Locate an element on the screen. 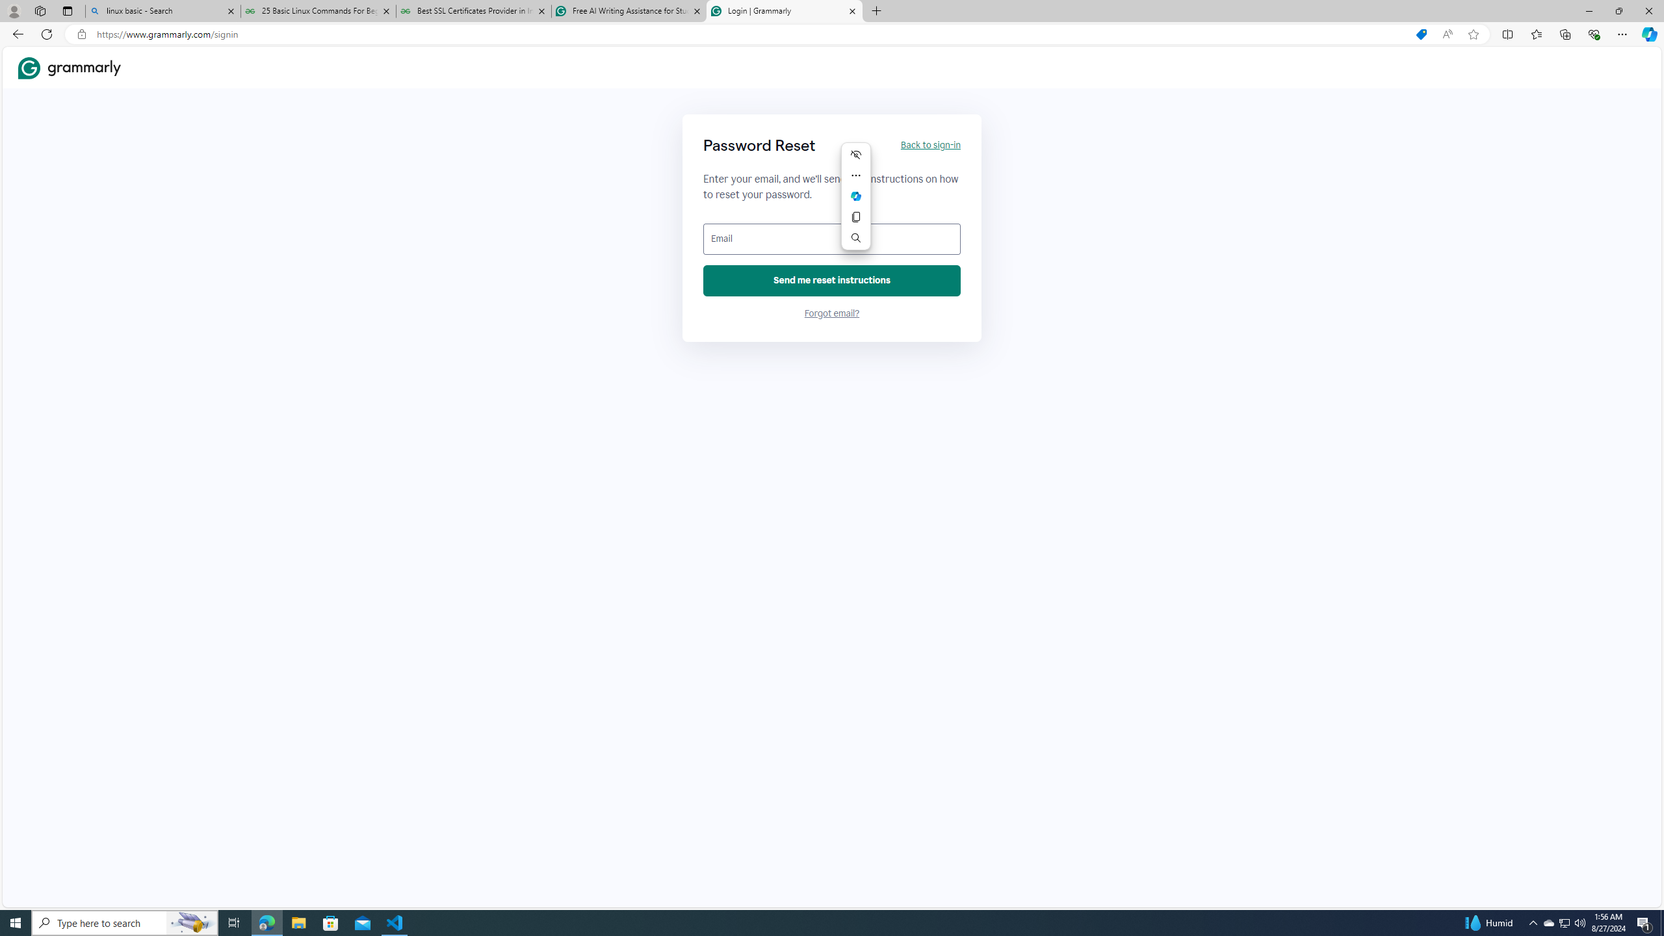  'Login | Grammarly' is located at coordinates (783, 10).